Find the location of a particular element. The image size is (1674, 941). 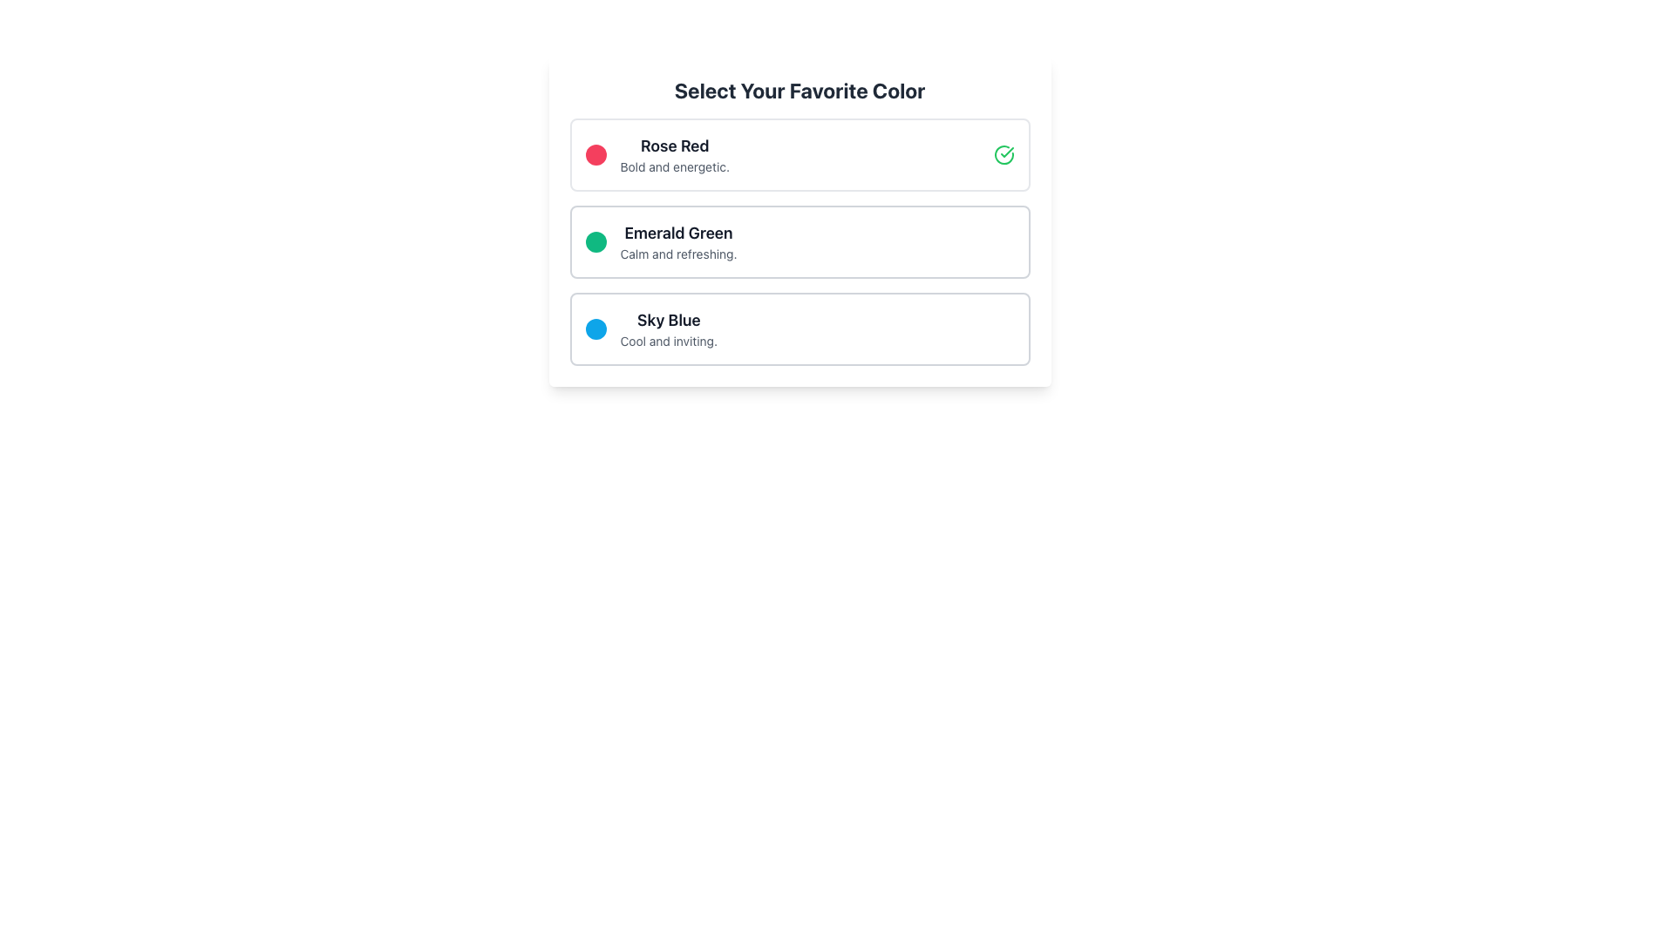

the 'Emerald Green' selectable list item, which is the second option in the color selection menu is located at coordinates (799, 241).